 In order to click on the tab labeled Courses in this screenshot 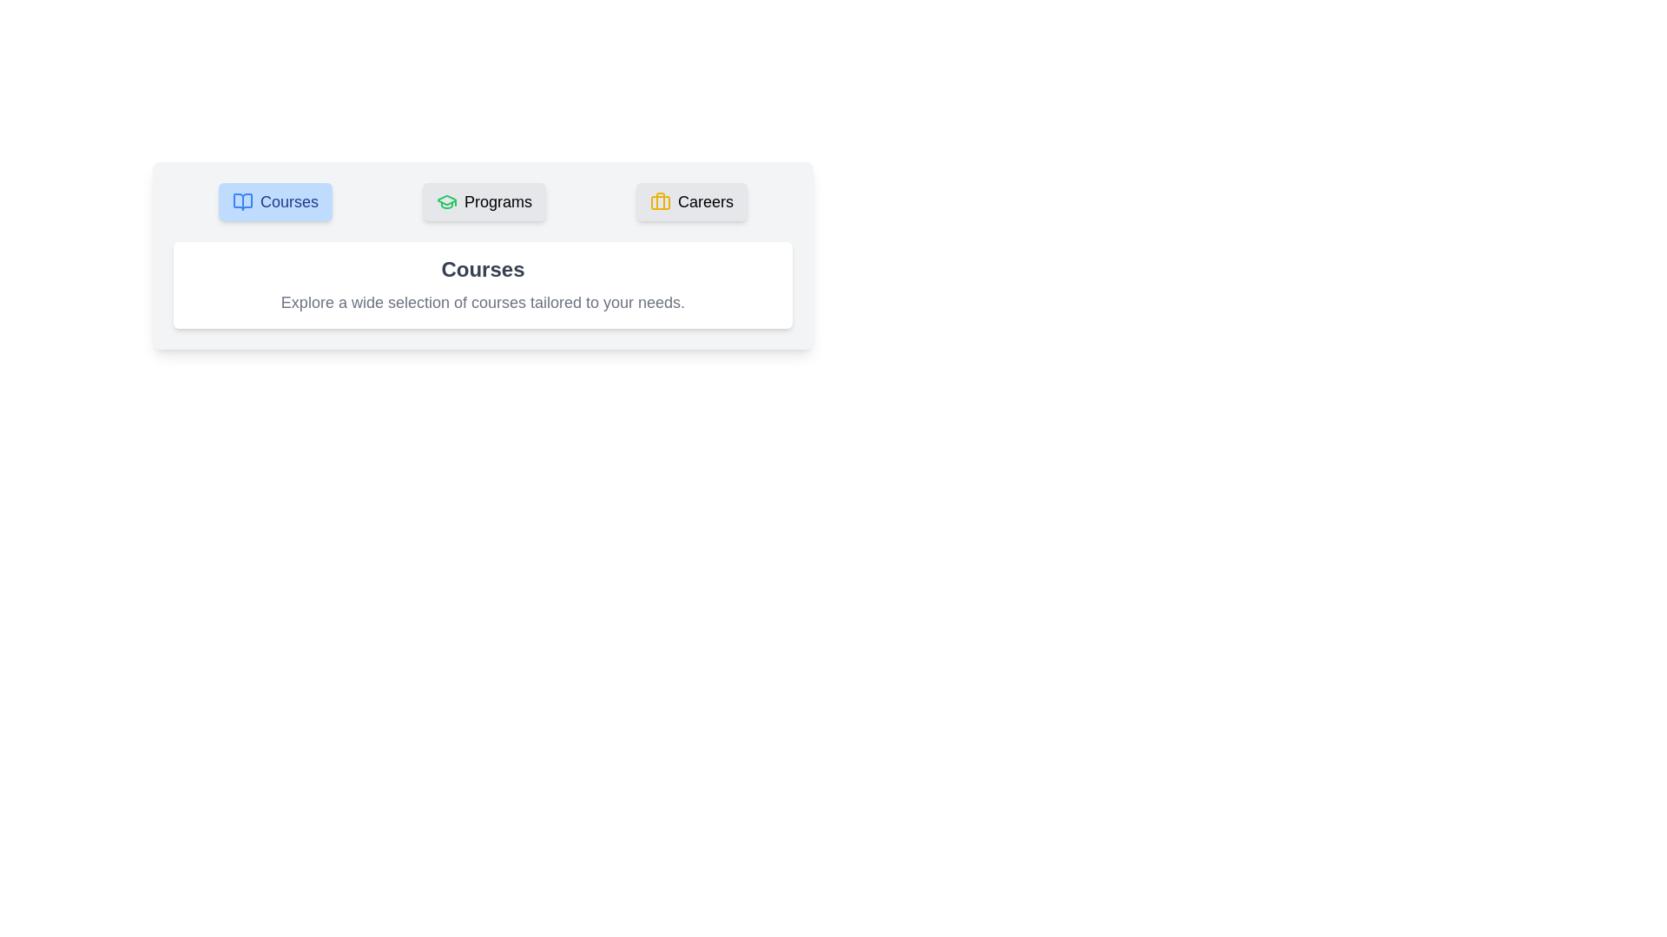, I will do `click(274, 200)`.